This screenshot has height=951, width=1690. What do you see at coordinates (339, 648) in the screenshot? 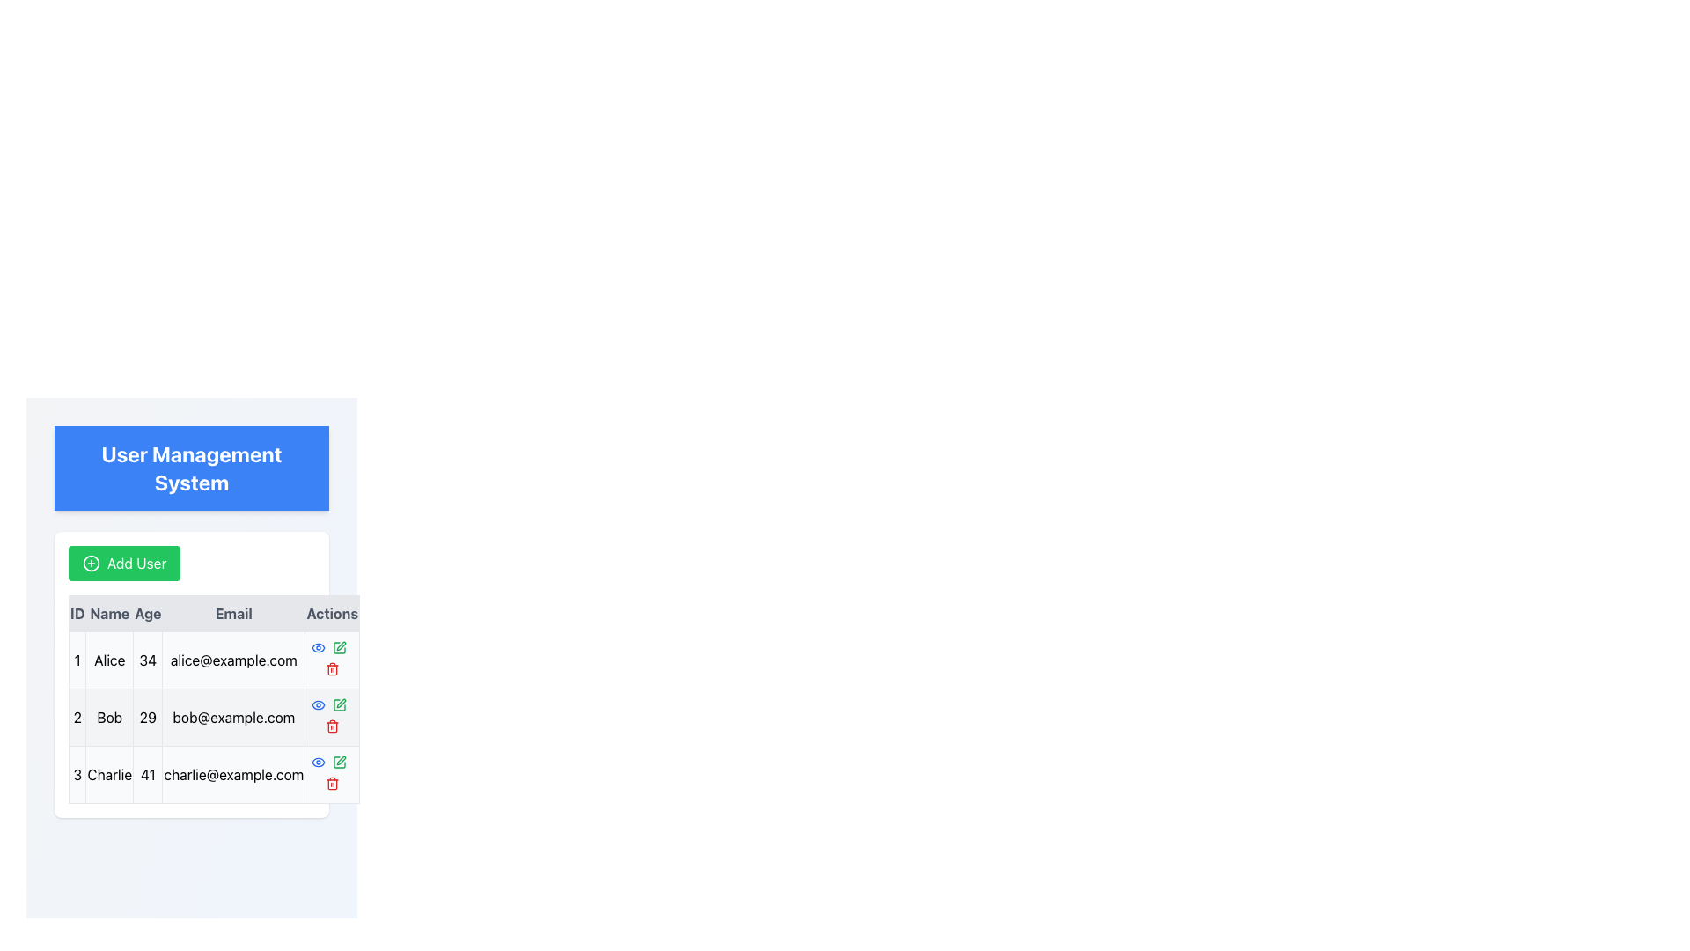
I see `the pen icon in Charlie's row under the 'Actions' column` at bounding box center [339, 648].